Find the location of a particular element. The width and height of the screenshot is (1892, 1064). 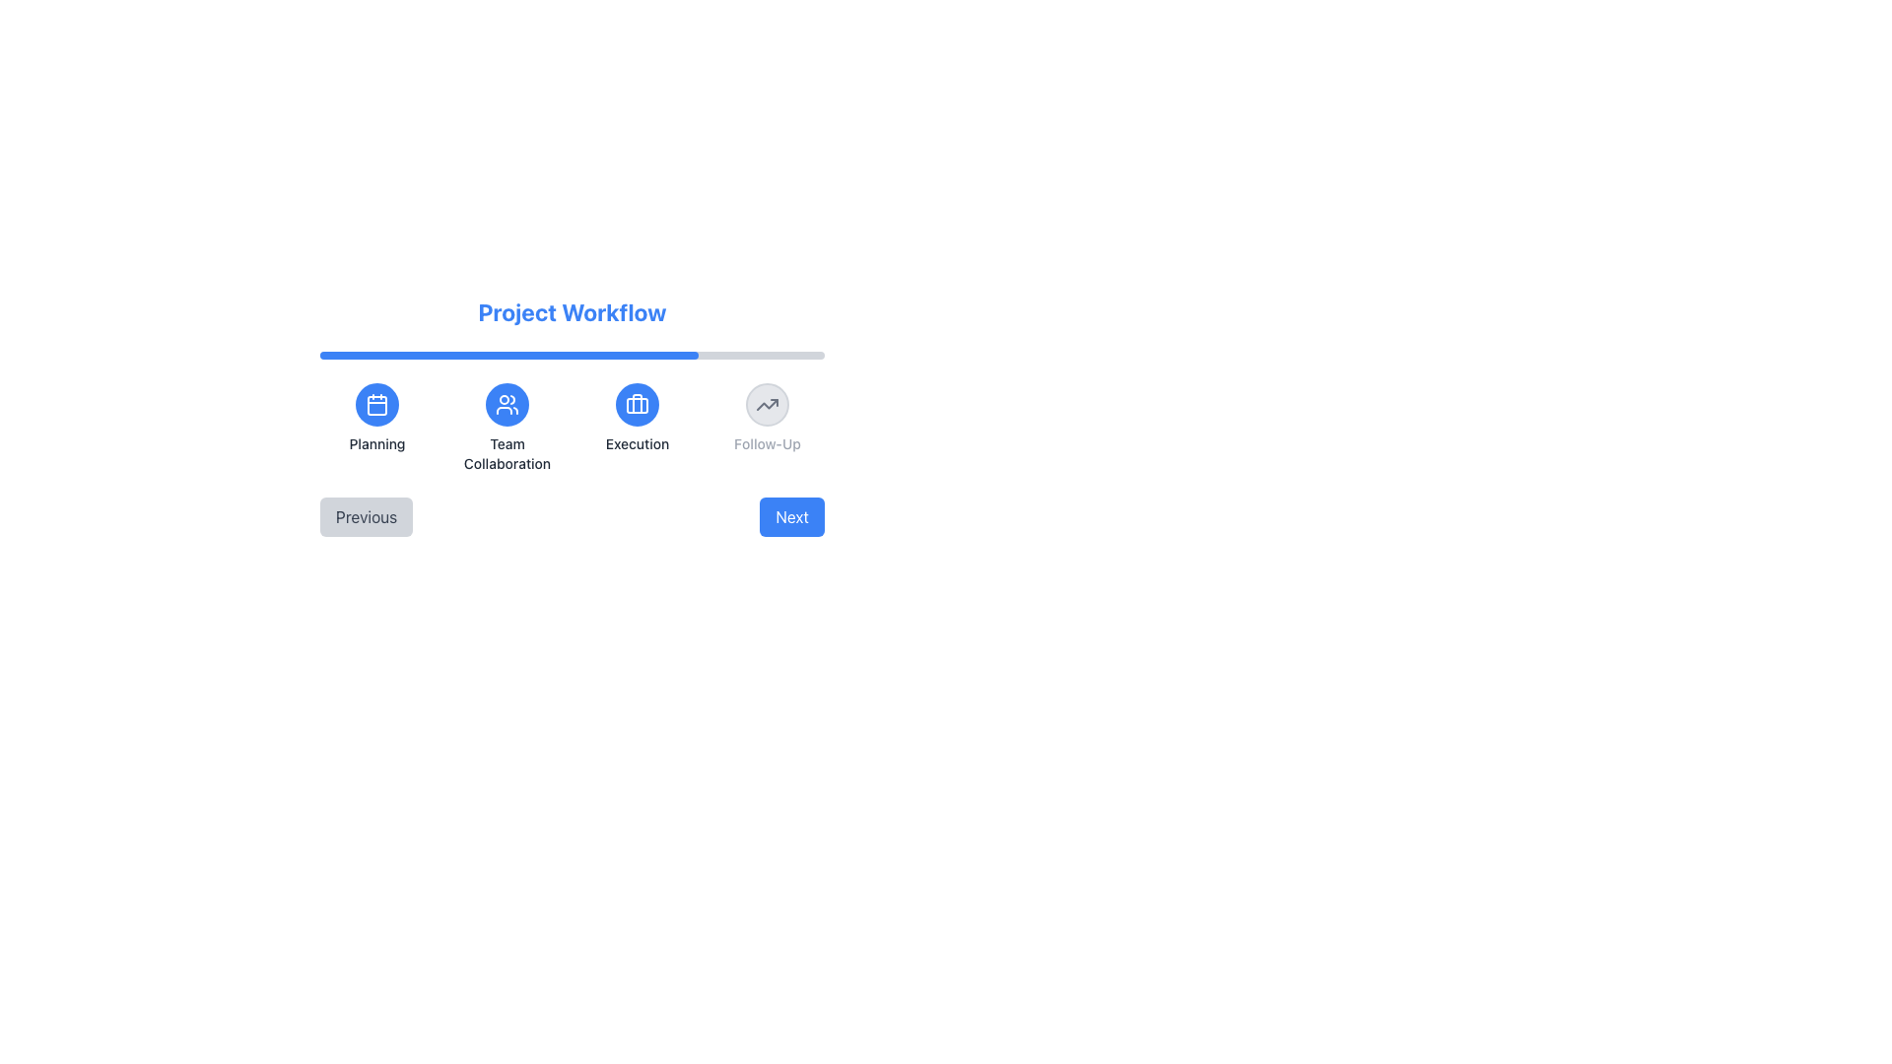

the 'Execution' icon, which is the third icon from the left in a horizontal sequence of four icons representing different phases of a project workflow is located at coordinates (638, 404).